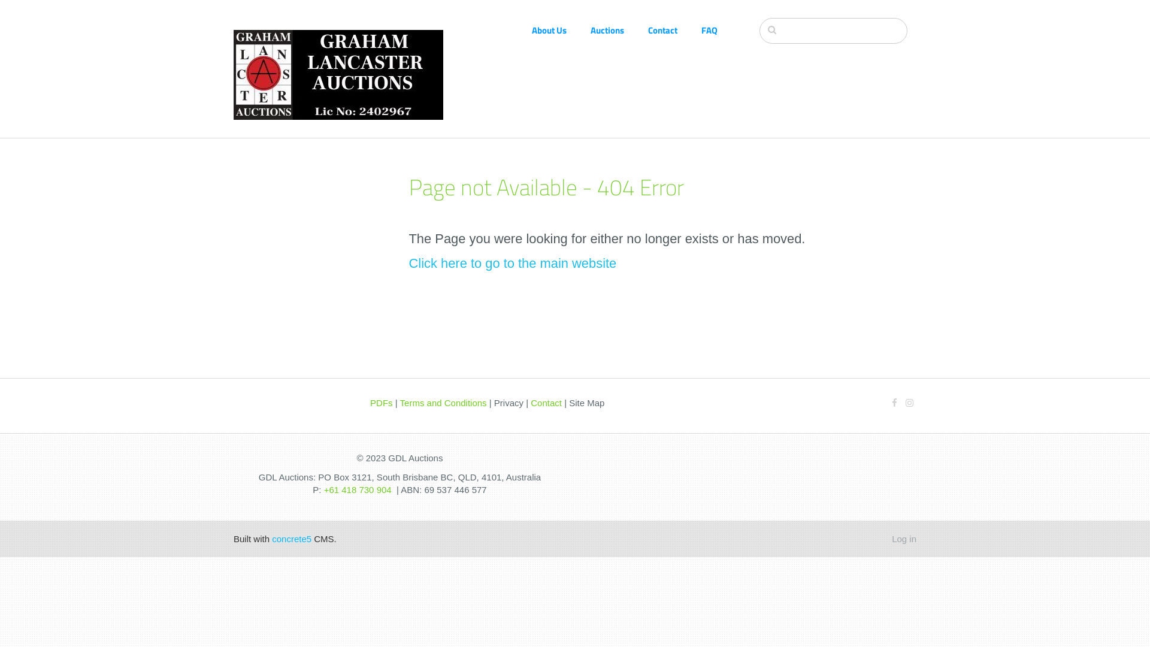  I want to click on 'concrete5', so click(271, 538).